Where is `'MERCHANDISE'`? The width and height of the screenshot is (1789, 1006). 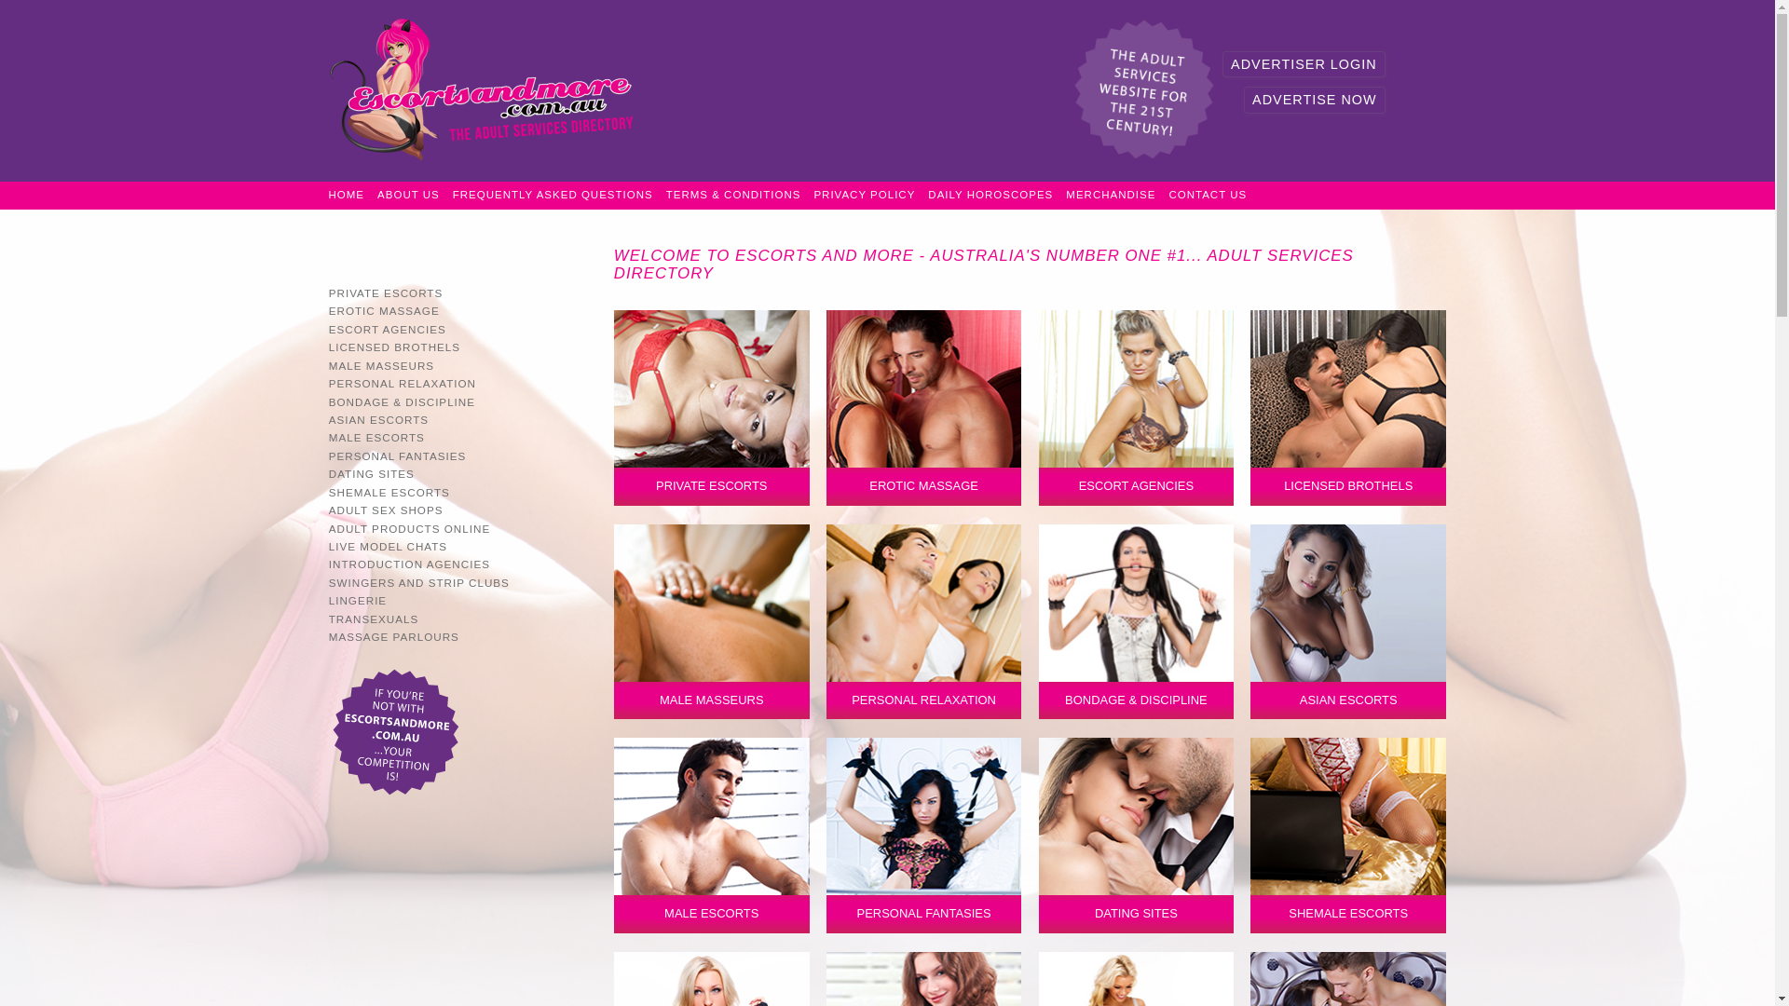
'MERCHANDISE' is located at coordinates (1065, 195).